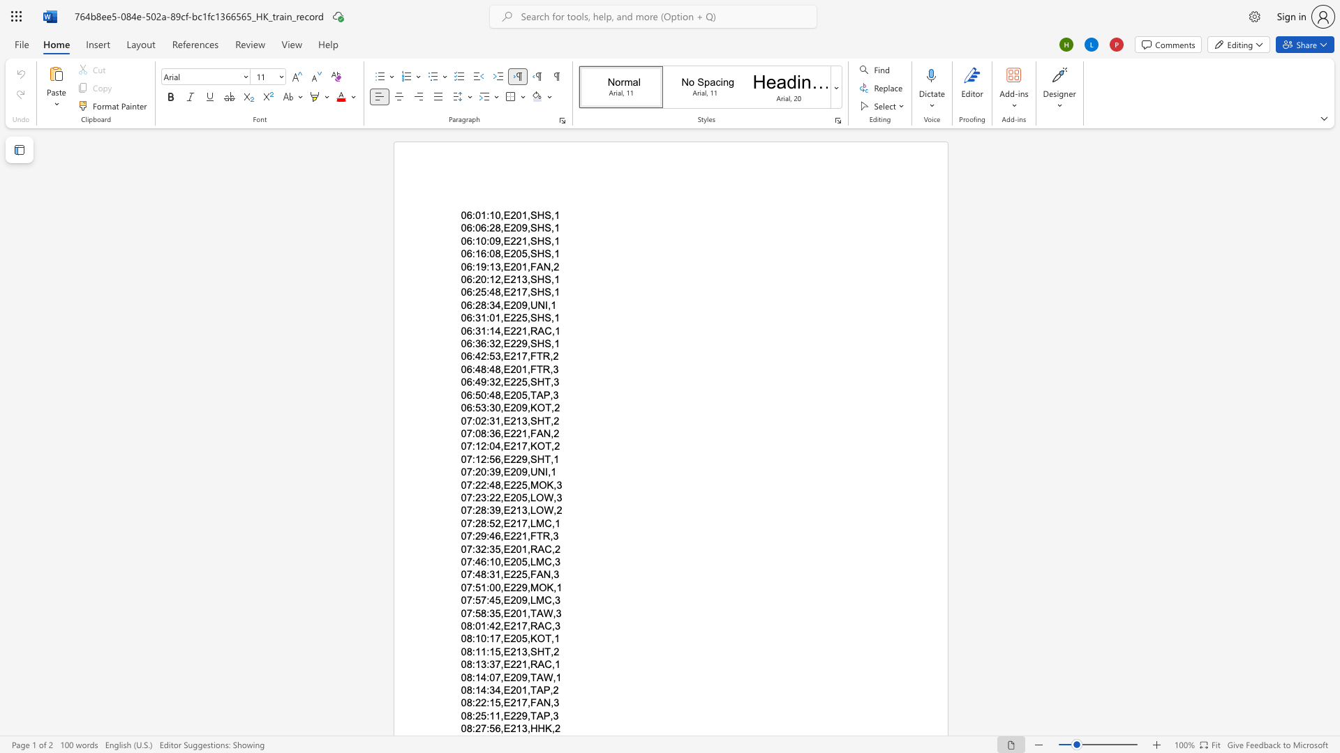 The height and width of the screenshot is (753, 1340). What do you see at coordinates (475, 535) in the screenshot?
I see `the subset text "29:46,E221,F" within the text "07:29:46,E221,FTR,3"` at bounding box center [475, 535].